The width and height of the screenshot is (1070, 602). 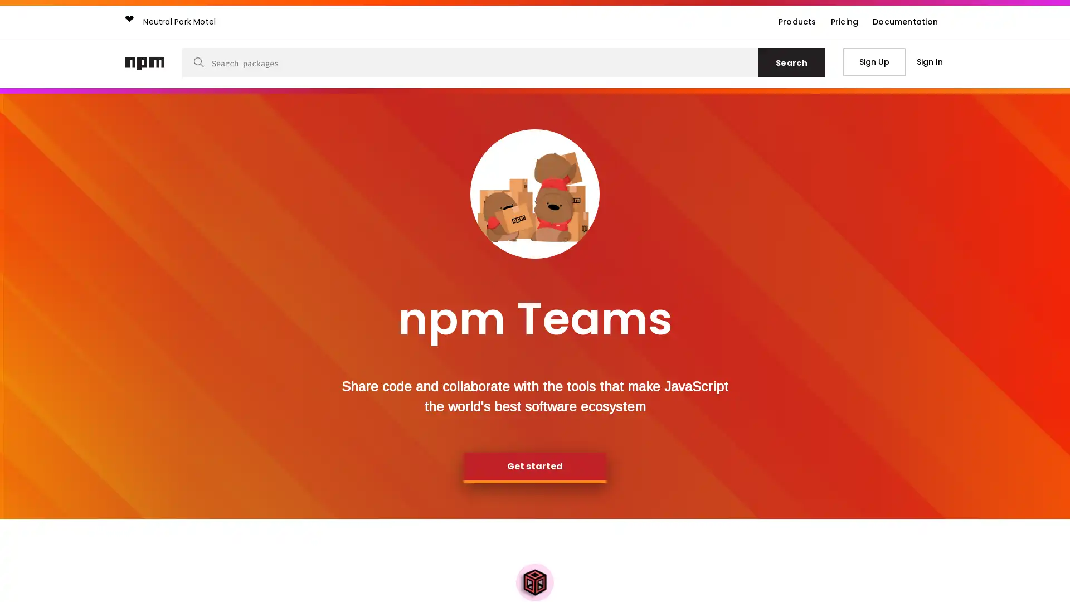 What do you see at coordinates (791, 62) in the screenshot?
I see `Search` at bounding box center [791, 62].